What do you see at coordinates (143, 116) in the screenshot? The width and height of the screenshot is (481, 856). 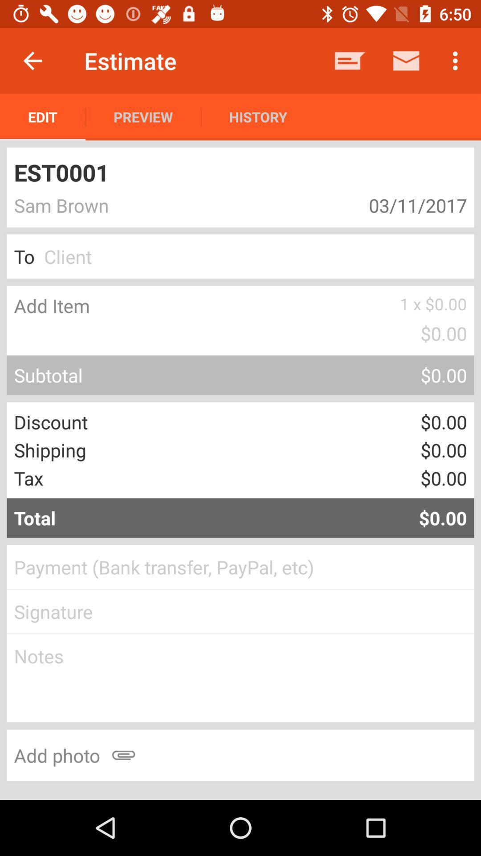 I see `the app next to edit` at bounding box center [143, 116].